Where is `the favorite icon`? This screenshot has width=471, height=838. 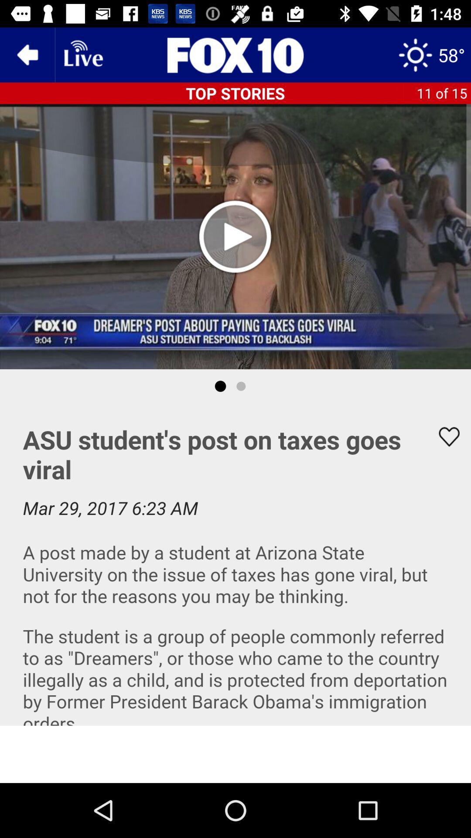 the favorite icon is located at coordinates (444, 436).